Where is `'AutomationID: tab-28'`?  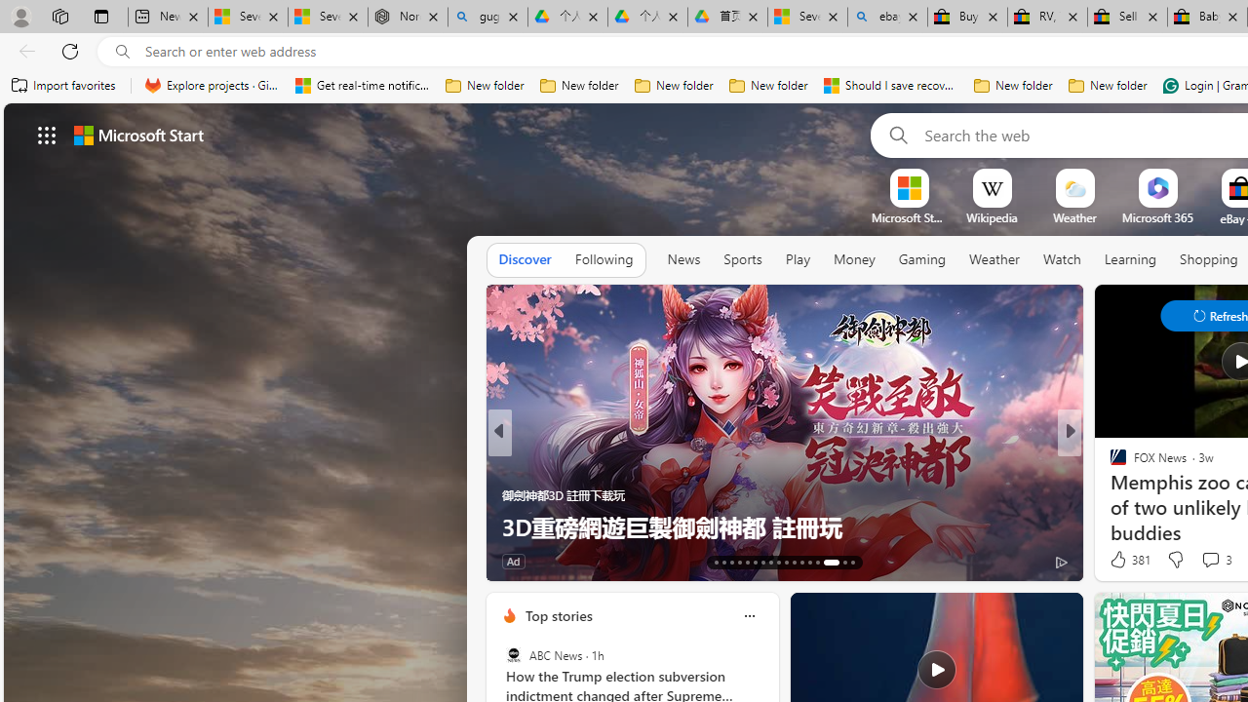
'AutomationID: tab-28' is located at coordinates (838, 563).